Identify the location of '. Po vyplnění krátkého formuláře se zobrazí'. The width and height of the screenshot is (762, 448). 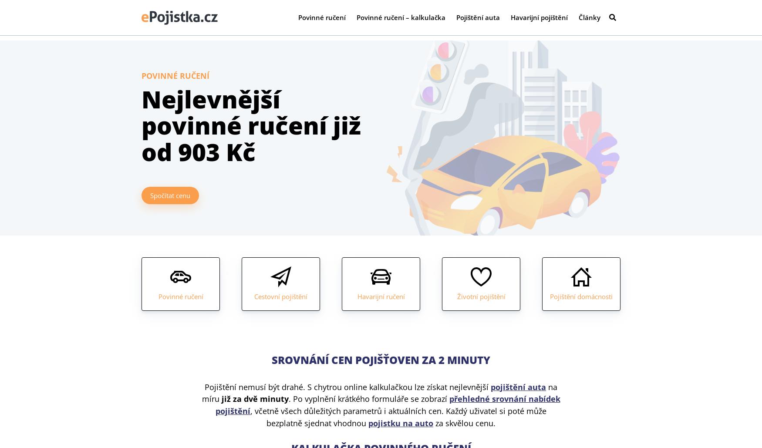
(368, 399).